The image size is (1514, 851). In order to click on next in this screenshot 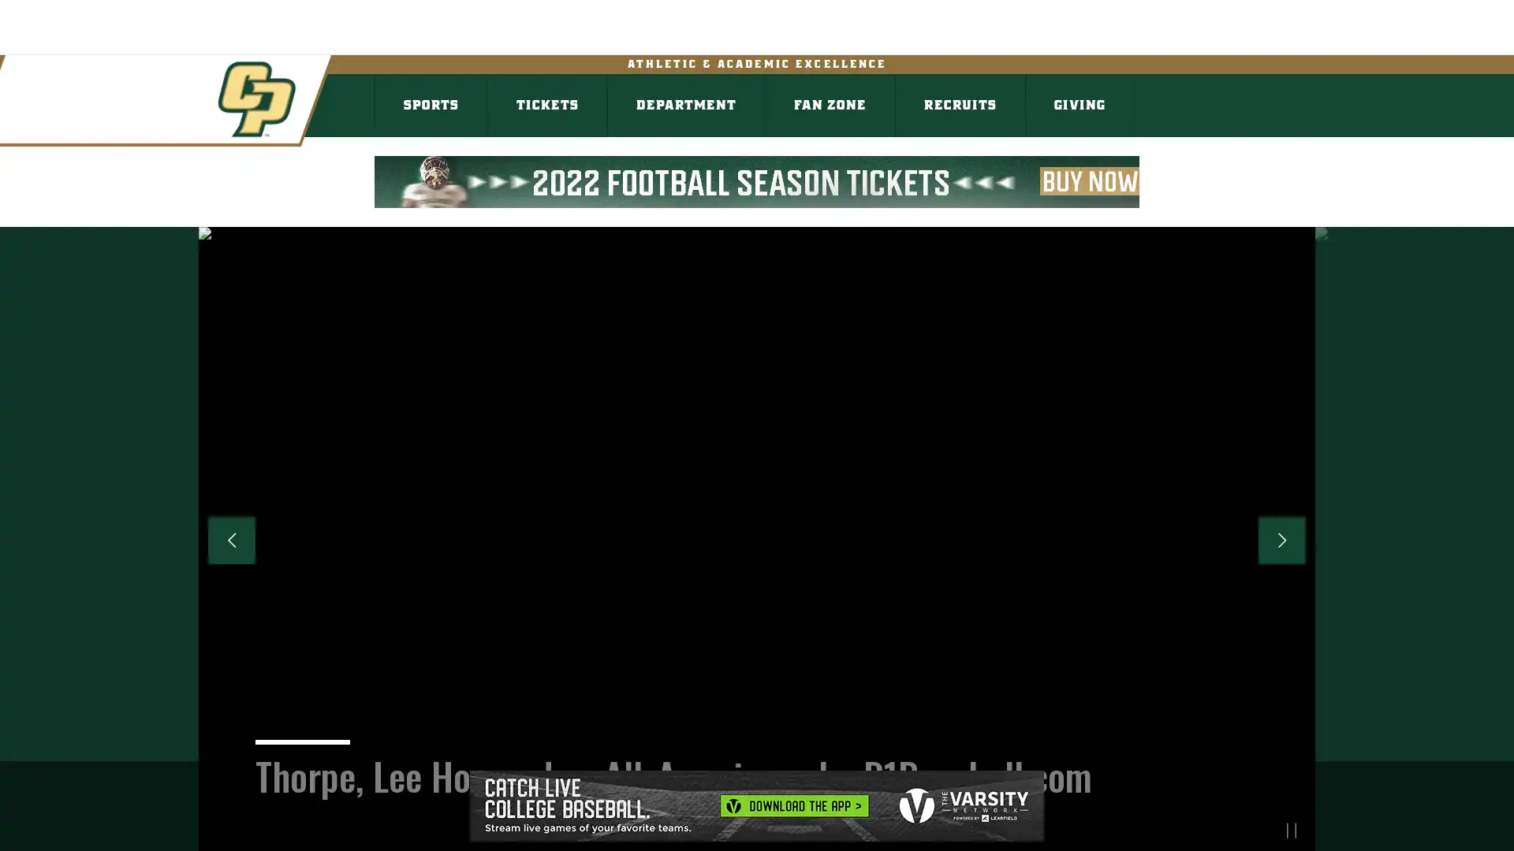, I will do `click(1282, 540)`.